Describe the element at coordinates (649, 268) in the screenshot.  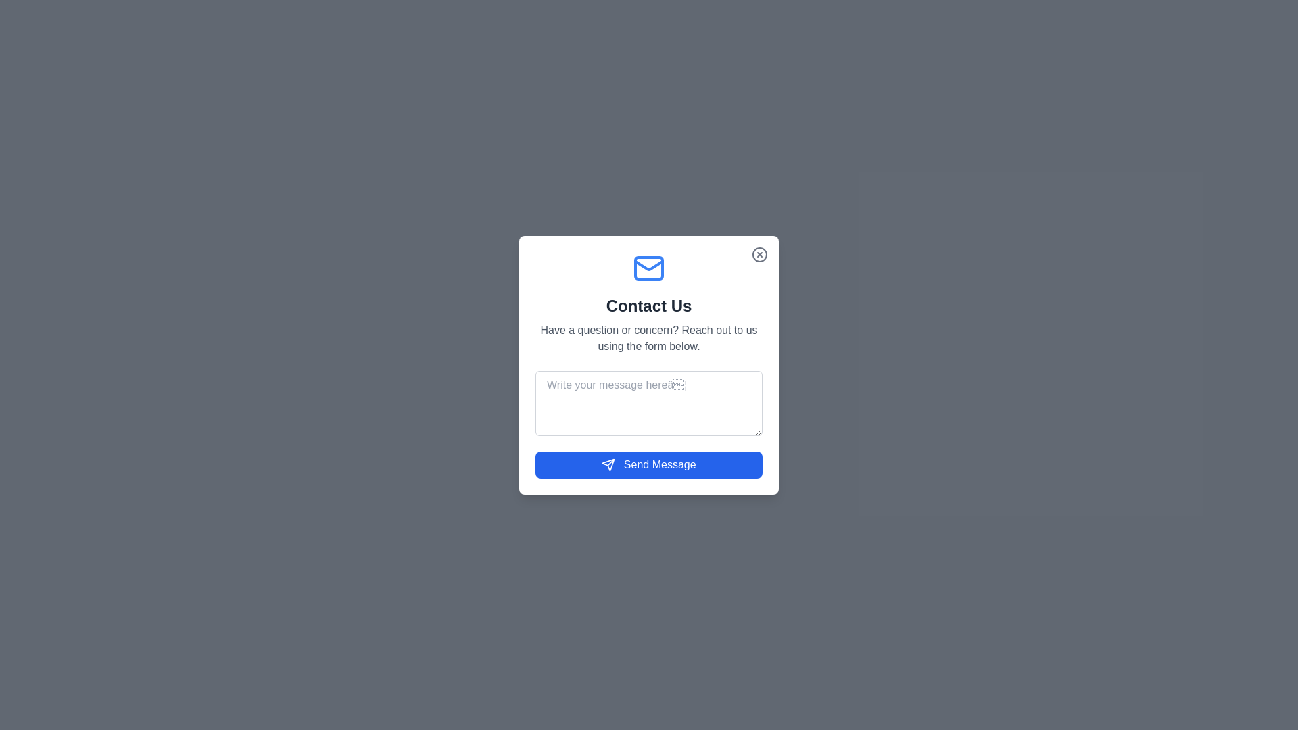
I see `the email icon to interact with it` at that location.